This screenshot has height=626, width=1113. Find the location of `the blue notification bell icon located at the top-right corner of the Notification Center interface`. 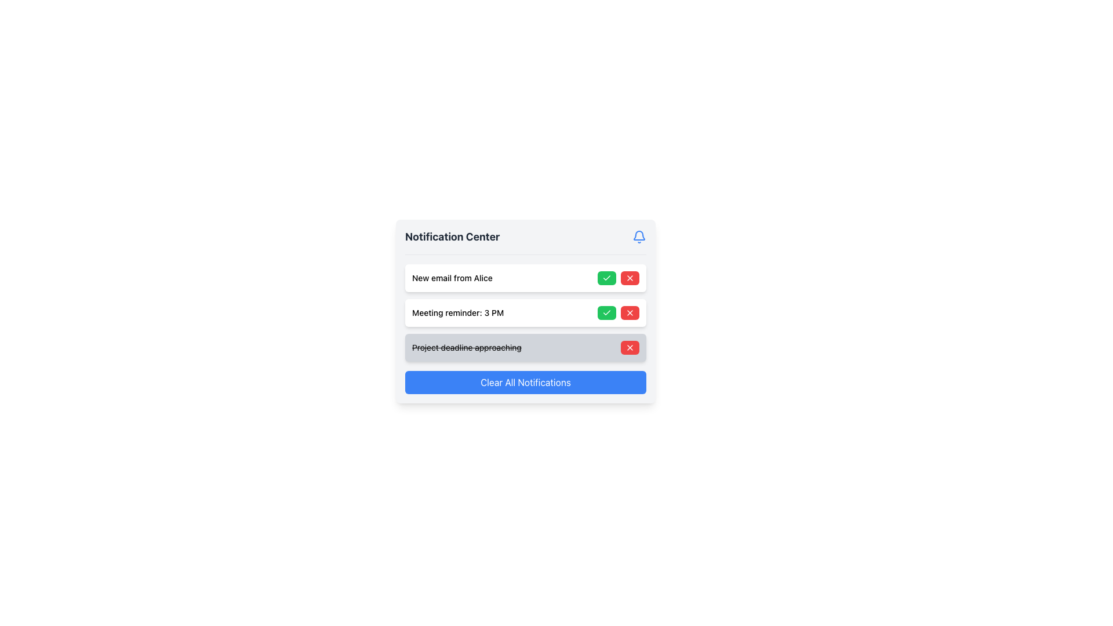

the blue notification bell icon located at the top-right corner of the Notification Center interface is located at coordinates (639, 236).